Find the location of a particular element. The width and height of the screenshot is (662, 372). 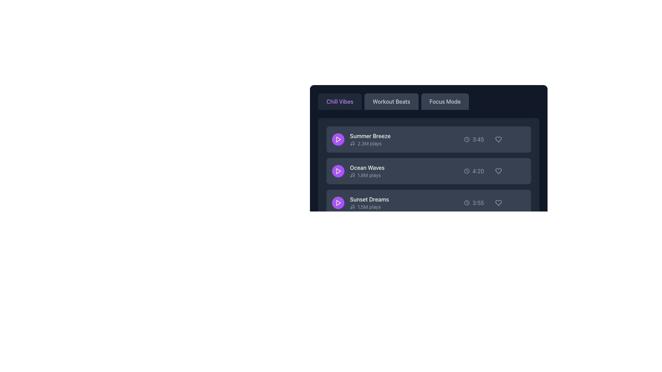

the heart-shaped icon button located in the second row, aligned to the right of the text display '4:20' is located at coordinates (498, 171).